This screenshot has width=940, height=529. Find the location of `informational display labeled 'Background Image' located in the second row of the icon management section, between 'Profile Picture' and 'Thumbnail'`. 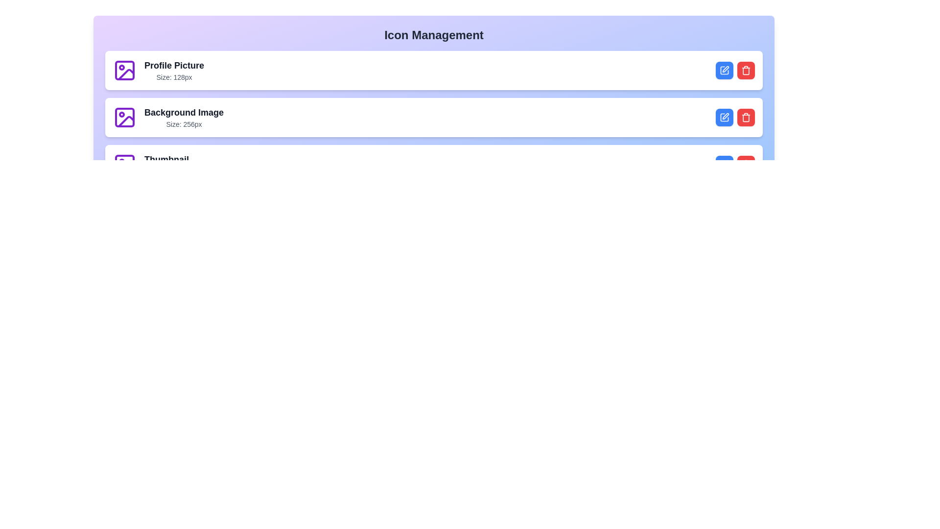

informational display labeled 'Background Image' located in the second row of the icon management section, between 'Profile Picture' and 'Thumbnail' is located at coordinates (168, 117).